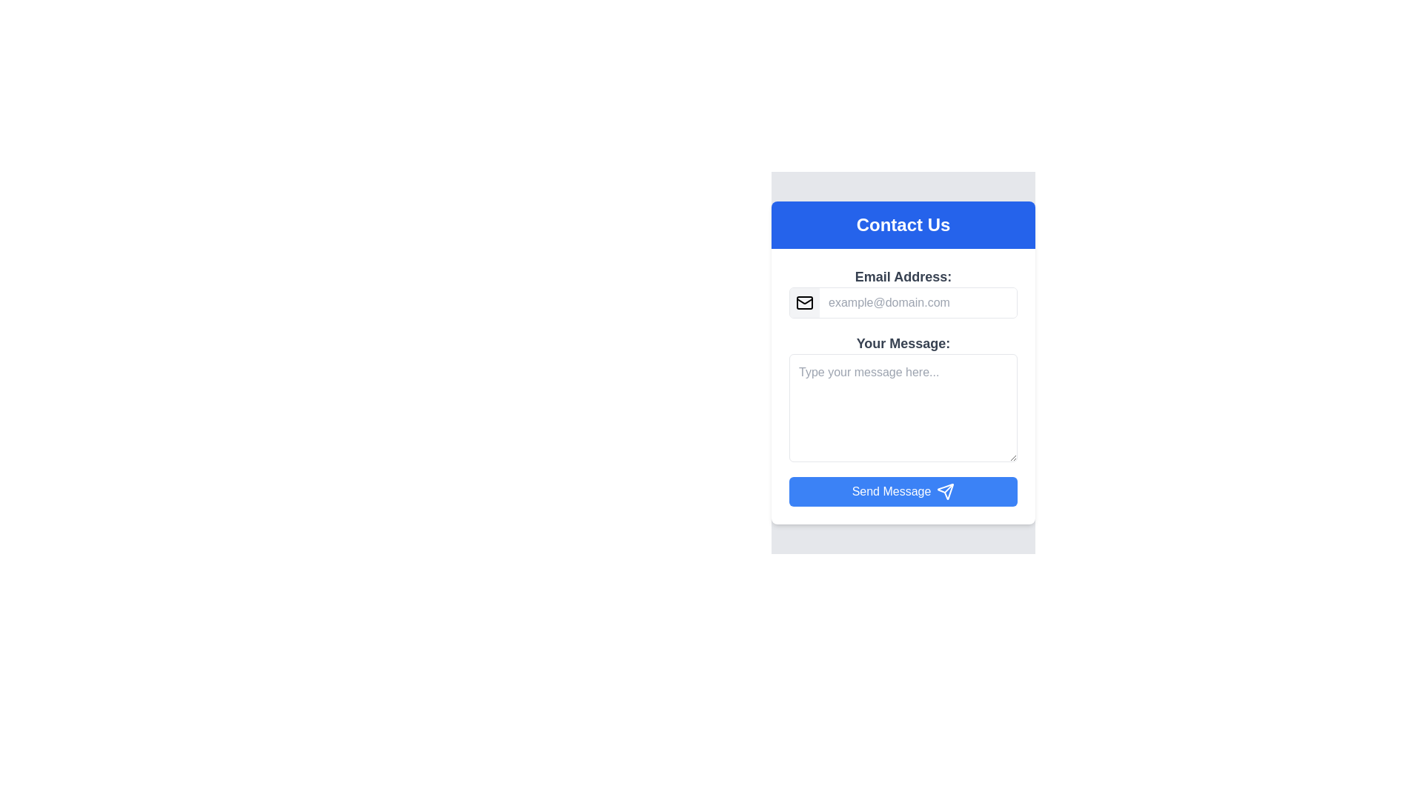 The height and width of the screenshot is (800, 1423). Describe the element at coordinates (903, 292) in the screenshot. I see `inside the email address input field, which is a labeled rectangular box with an envelope icon on the left and the label 'Email Address:' above it` at that location.